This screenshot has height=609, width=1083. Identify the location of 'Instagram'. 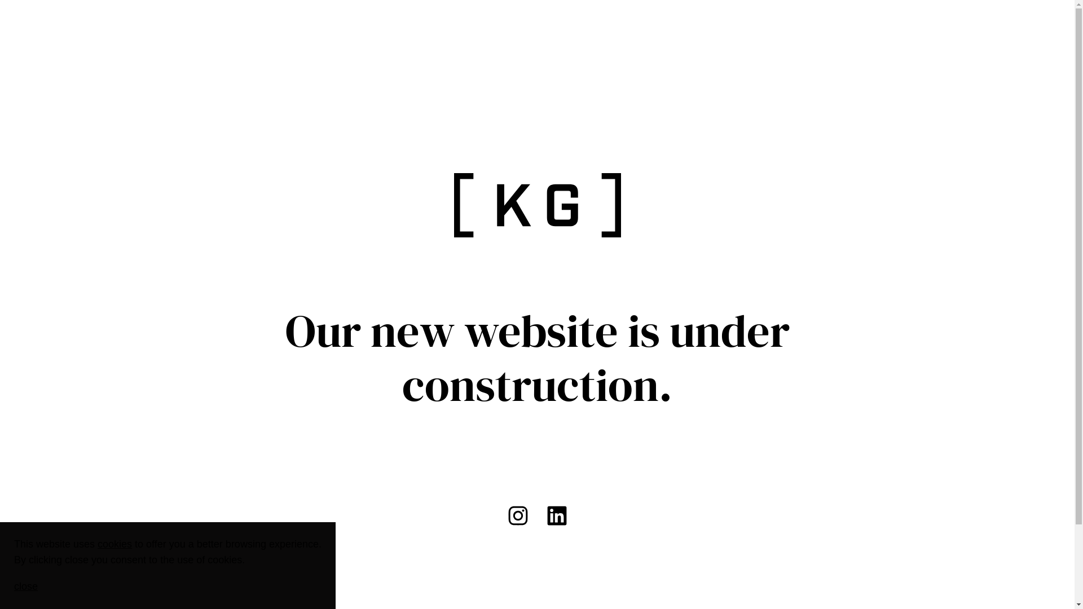
(517, 515).